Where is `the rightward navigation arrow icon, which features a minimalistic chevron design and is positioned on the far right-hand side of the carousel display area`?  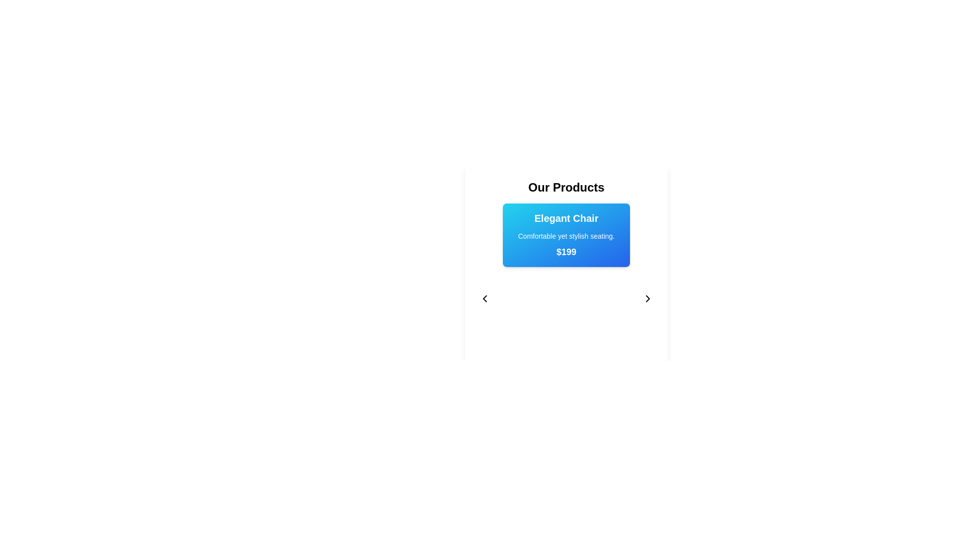 the rightward navigation arrow icon, which features a minimalistic chevron design and is positioned on the far right-hand side of the carousel display area is located at coordinates (648, 298).